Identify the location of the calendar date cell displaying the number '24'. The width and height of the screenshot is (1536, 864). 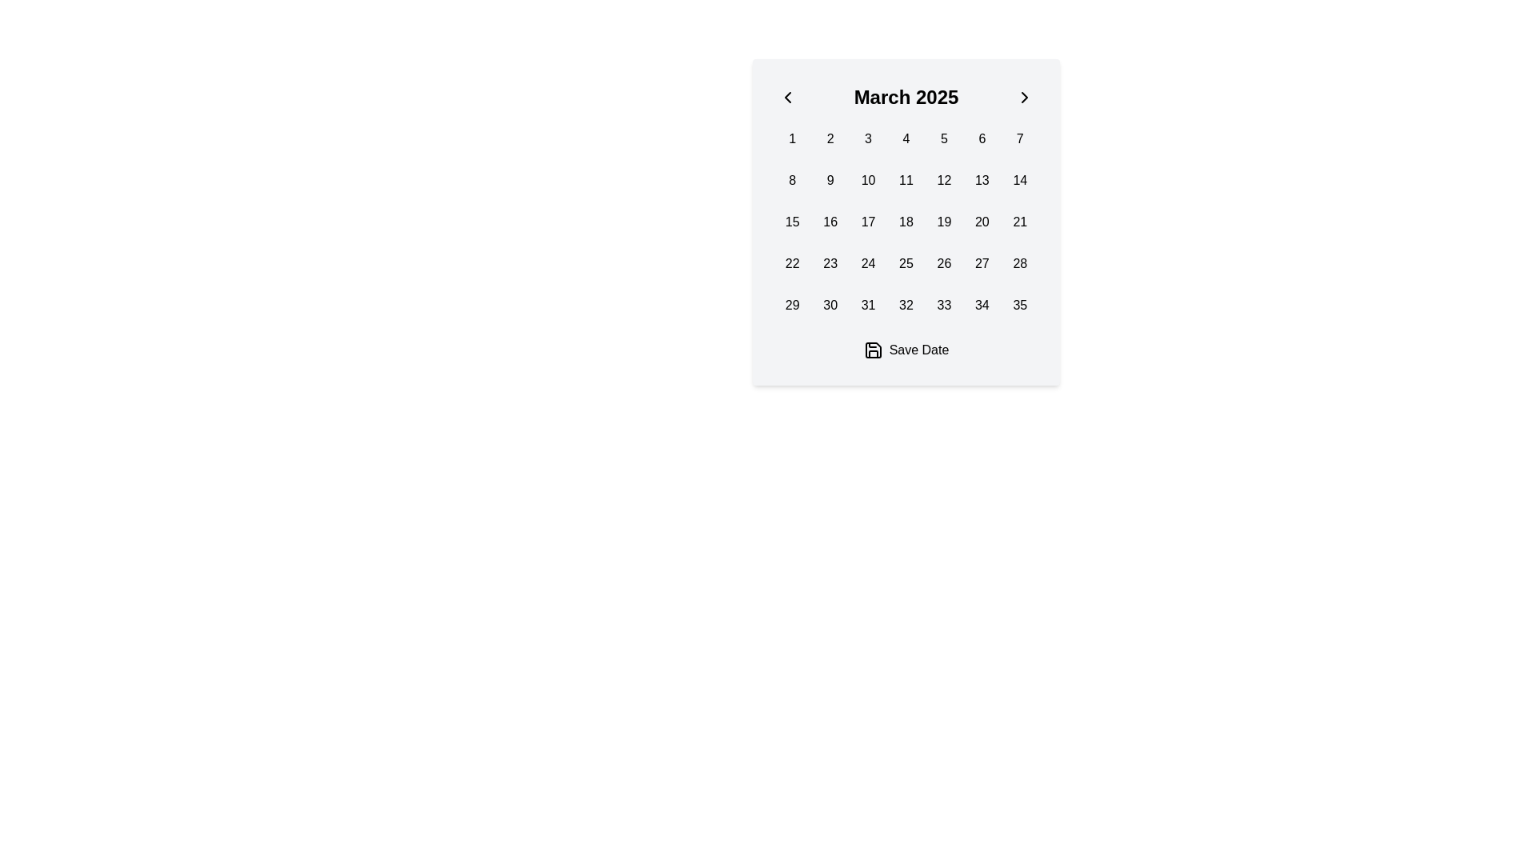
(867, 263).